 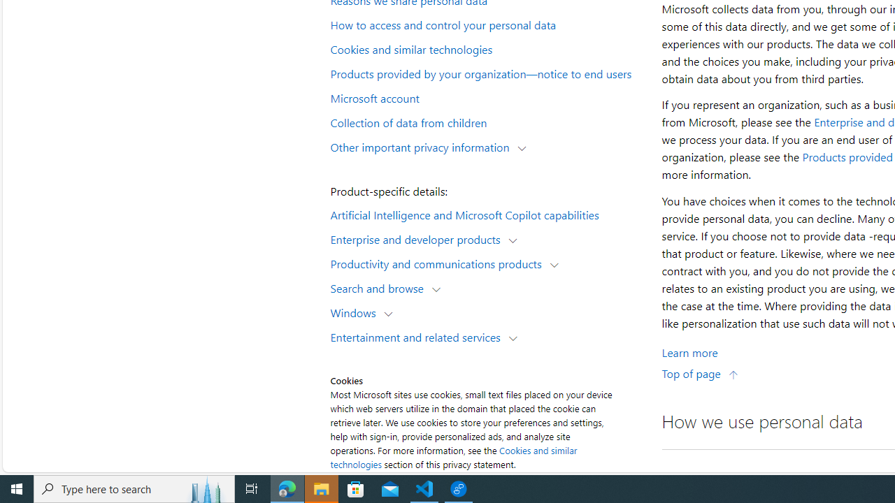 I want to click on 'Entertainment and related services', so click(x=418, y=337).